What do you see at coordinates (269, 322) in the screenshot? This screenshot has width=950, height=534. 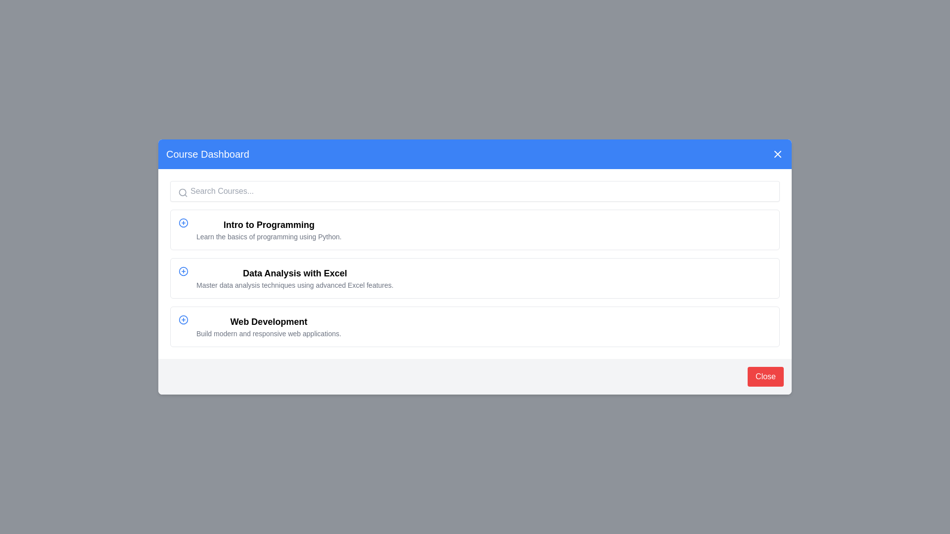 I see `the text label that serves as a heading or title for a course, positioned above the descriptive text 'Build modern and responsive web applications.' within the third item of a vertically stacked list` at bounding box center [269, 322].